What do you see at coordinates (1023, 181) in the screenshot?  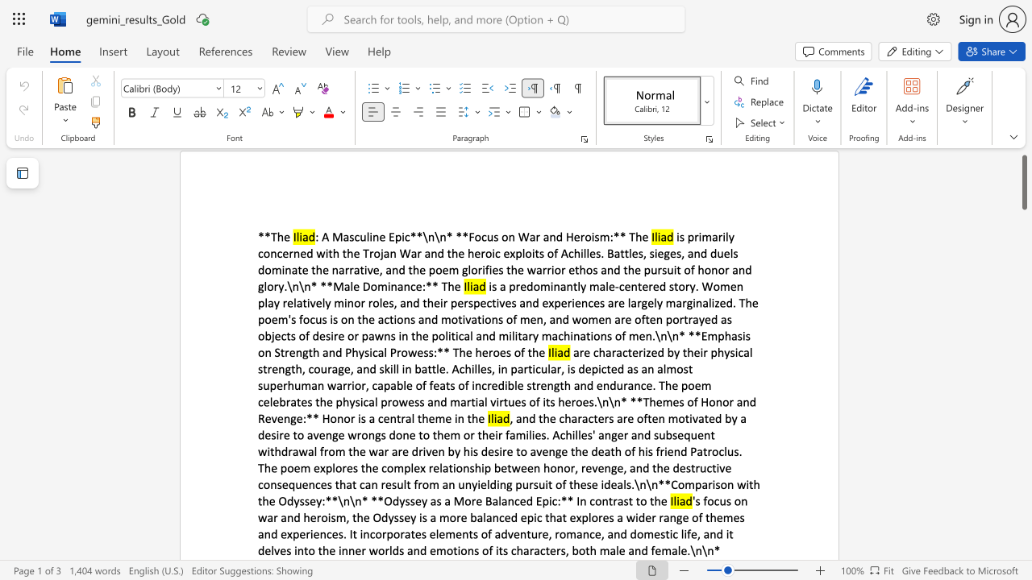 I see `the scrollbar and move down 1910 pixels` at bounding box center [1023, 181].